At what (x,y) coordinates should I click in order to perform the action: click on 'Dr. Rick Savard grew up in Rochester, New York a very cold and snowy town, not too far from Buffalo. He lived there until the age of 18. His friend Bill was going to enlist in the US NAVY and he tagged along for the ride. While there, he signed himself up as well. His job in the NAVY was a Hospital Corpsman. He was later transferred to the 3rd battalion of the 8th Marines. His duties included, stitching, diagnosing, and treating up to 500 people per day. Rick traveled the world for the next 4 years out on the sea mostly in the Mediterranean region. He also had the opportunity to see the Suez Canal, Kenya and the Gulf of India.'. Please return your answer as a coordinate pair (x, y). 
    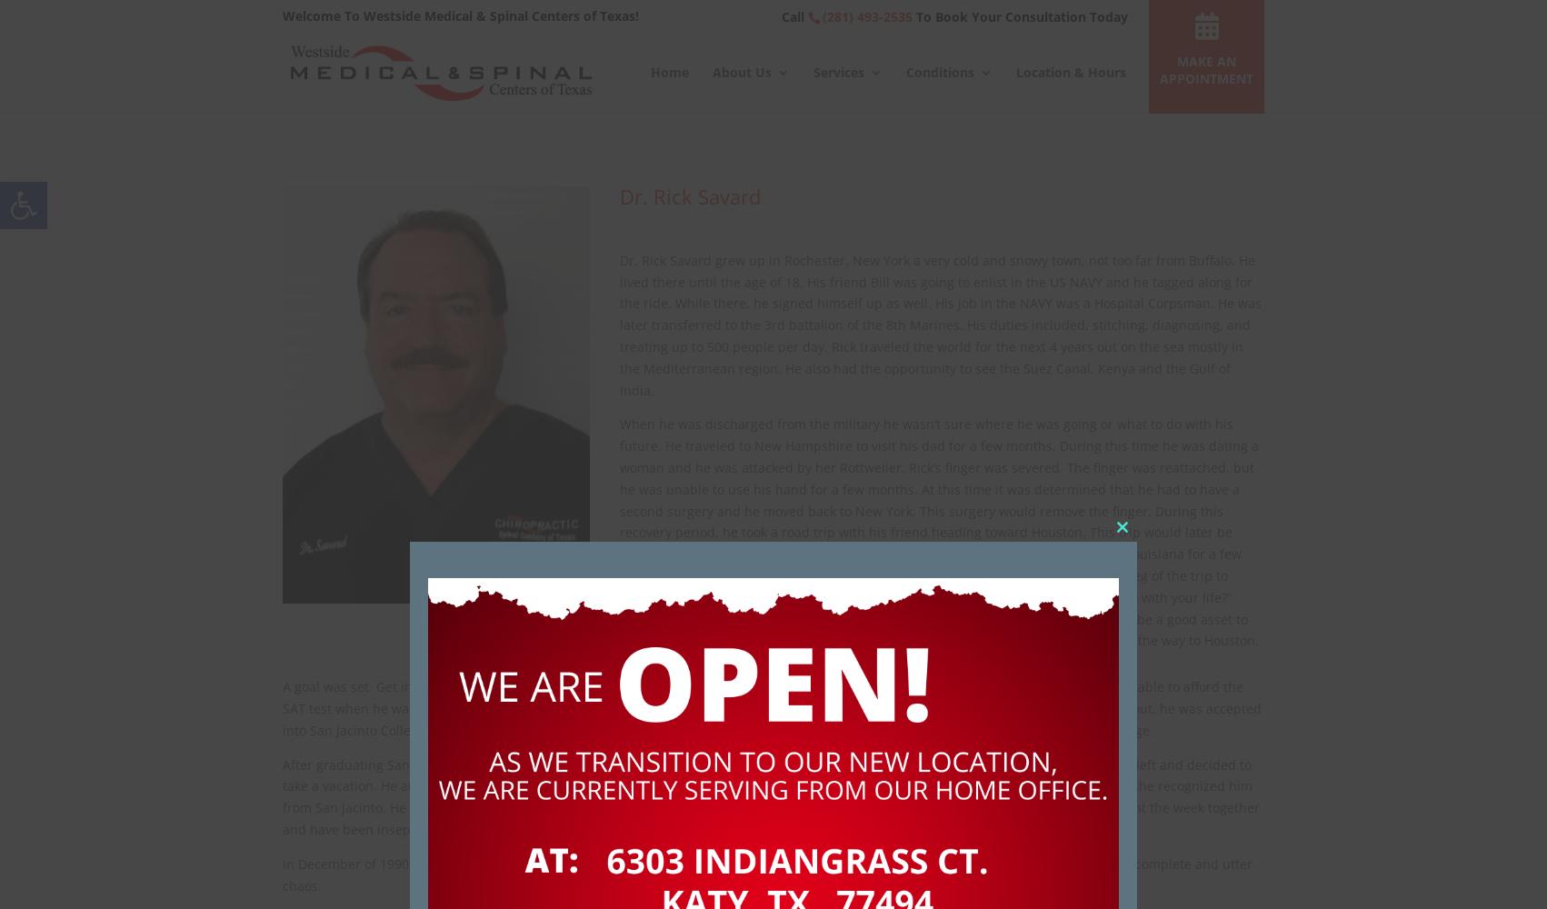
    Looking at the image, I should click on (938, 324).